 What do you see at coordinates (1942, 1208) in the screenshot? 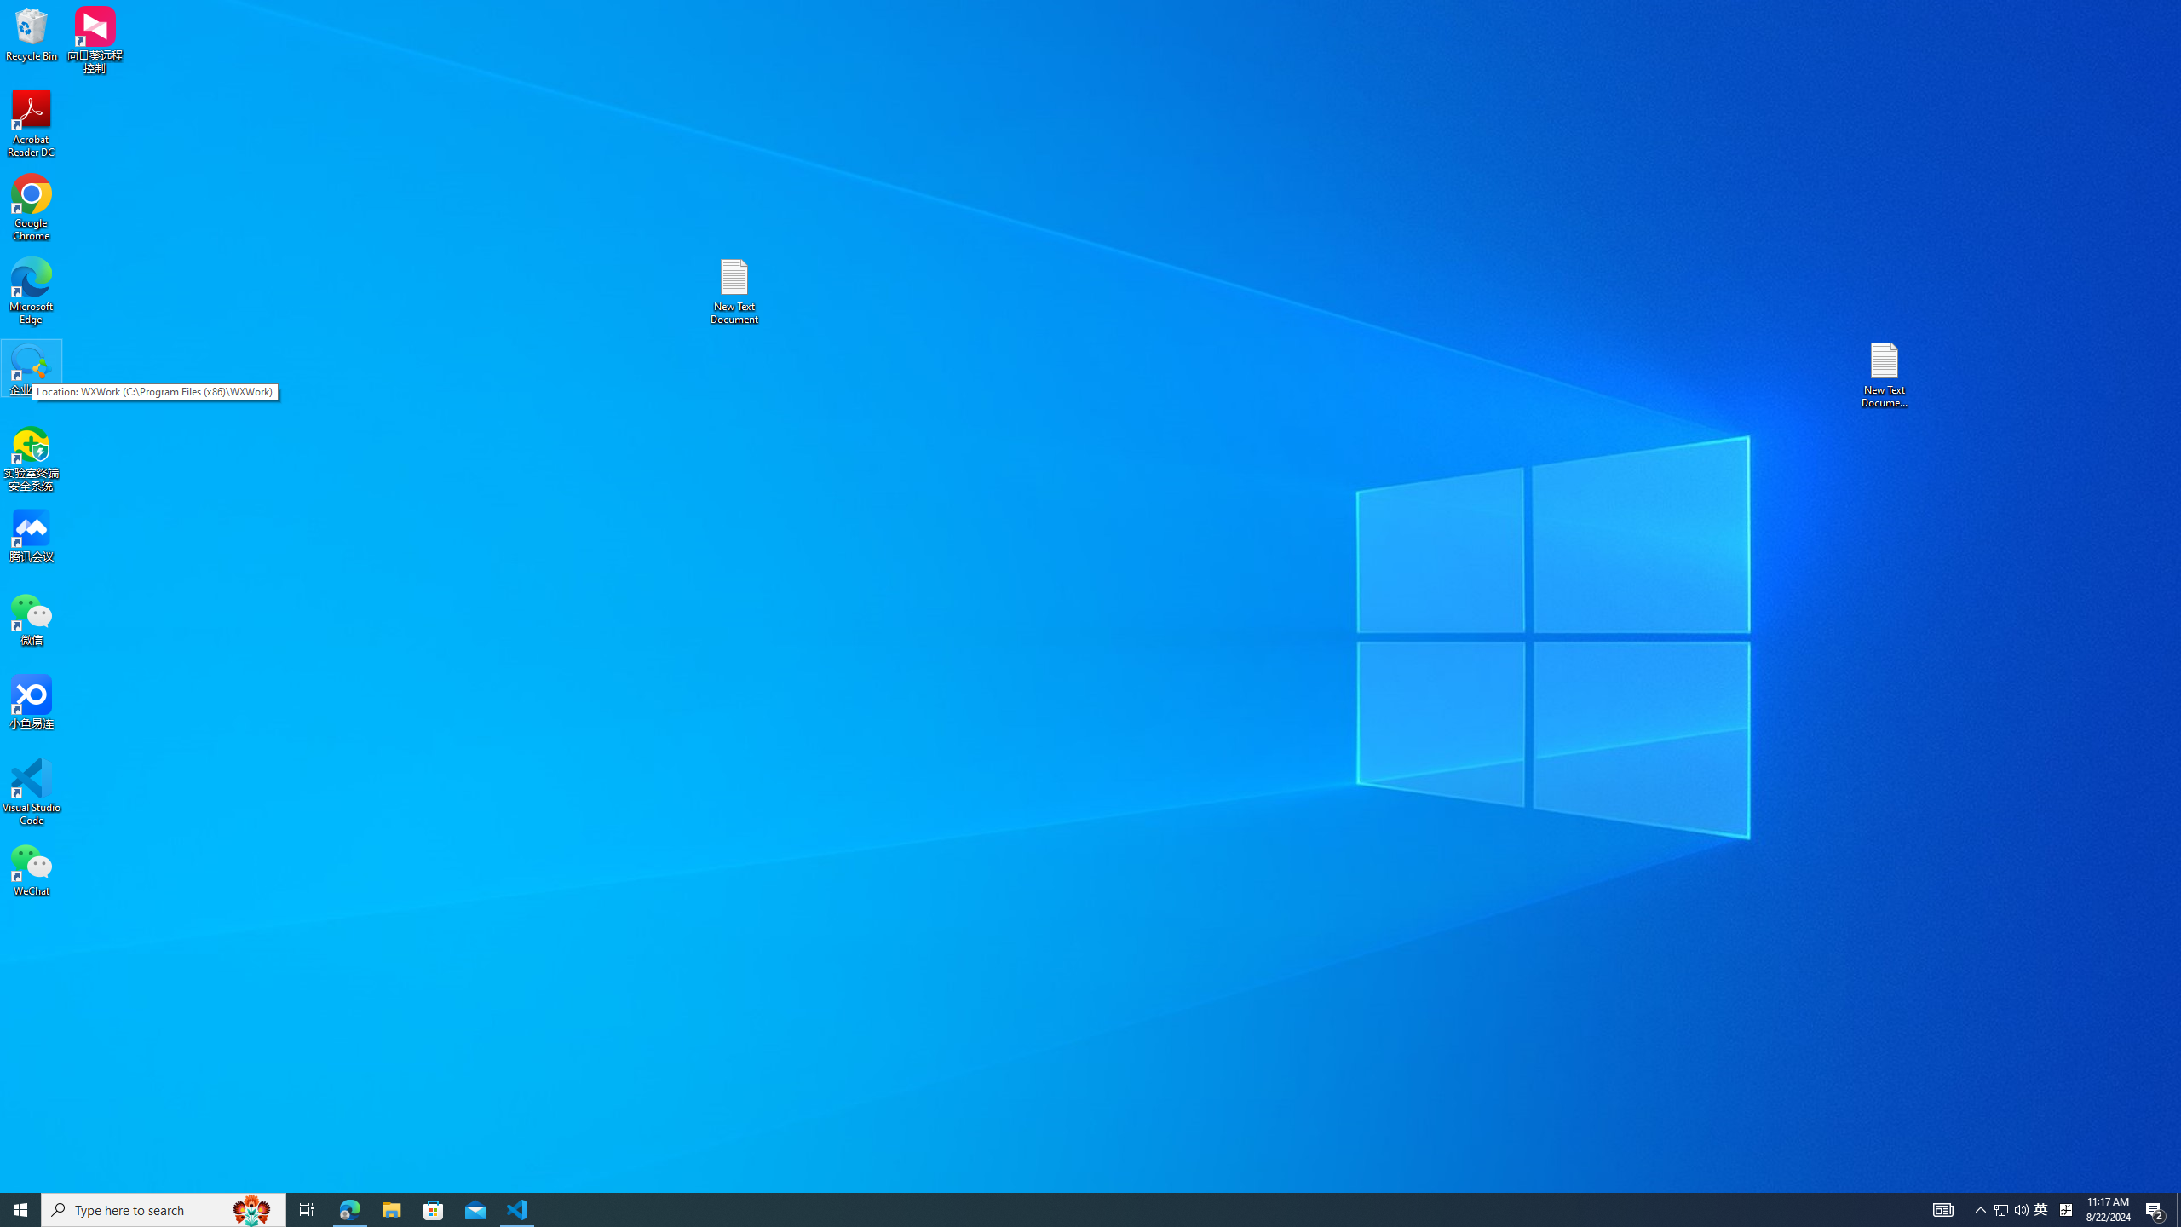
I see `'AutomationID: 4105'` at bounding box center [1942, 1208].